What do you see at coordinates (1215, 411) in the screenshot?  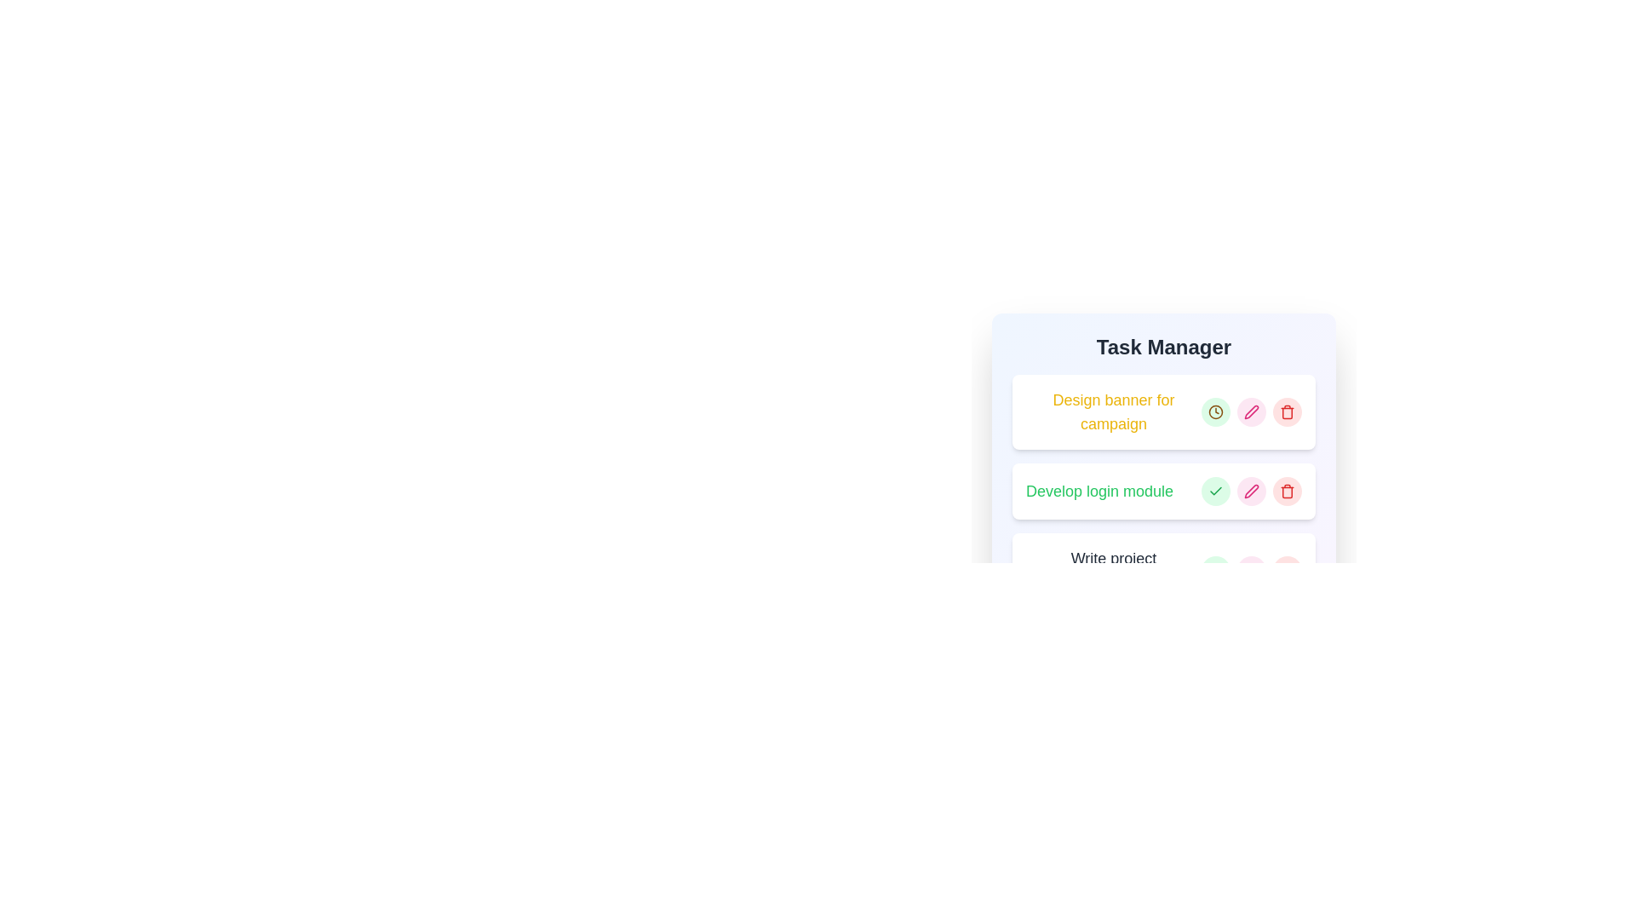 I see `the first circular interactive button with a green background and a clock icon, associated with the task 'Design banner for campaign' in the 'Task Manager' interface` at bounding box center [1215, 411].